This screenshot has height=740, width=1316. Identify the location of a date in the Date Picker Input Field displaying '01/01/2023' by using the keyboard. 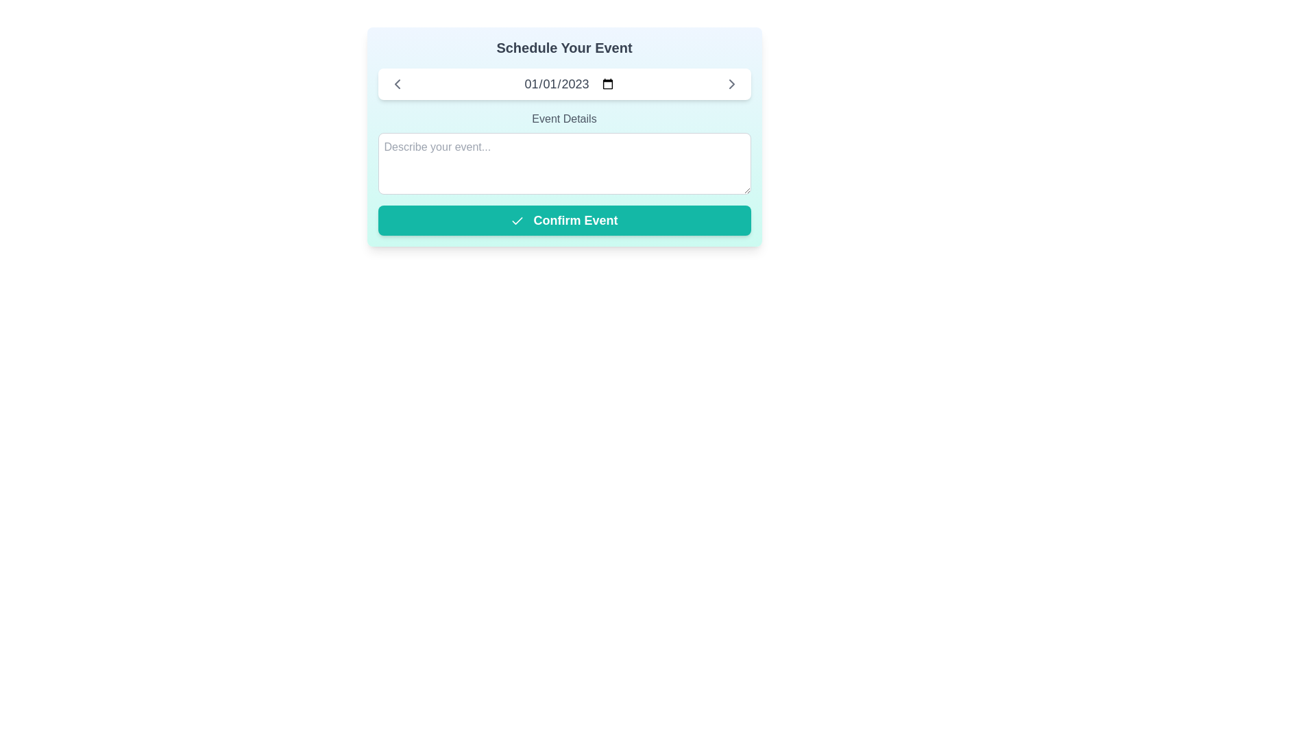
(564, 84).